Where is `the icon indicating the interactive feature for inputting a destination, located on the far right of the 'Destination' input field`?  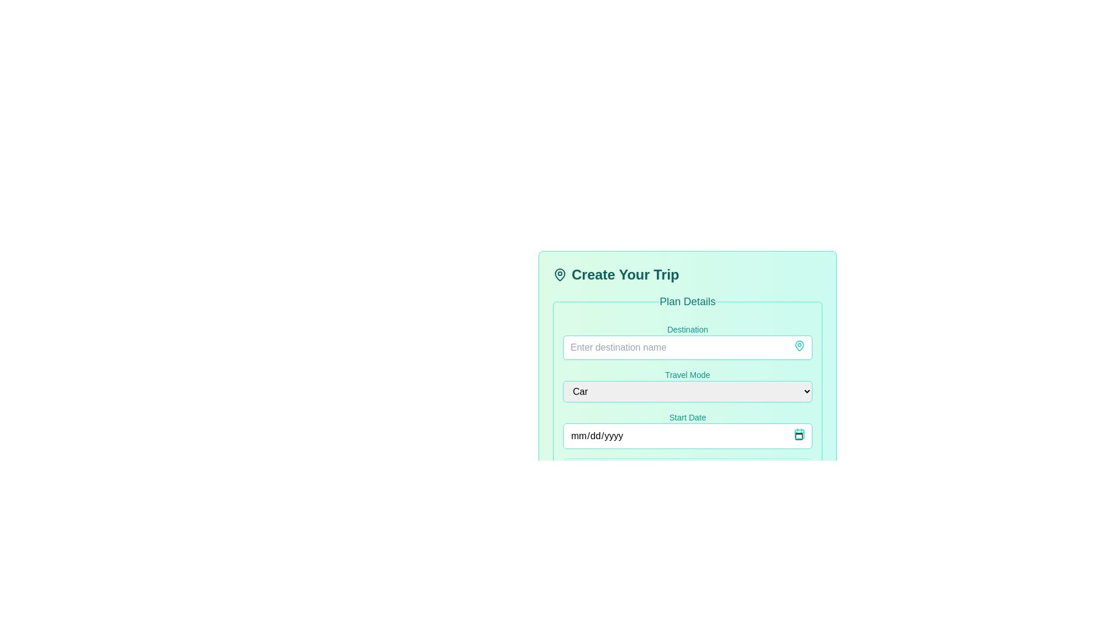
the icon indicating the interactive feature for inputting a destination, located on the far right of the 'Destination' input field is located at coordinates (799, 345).